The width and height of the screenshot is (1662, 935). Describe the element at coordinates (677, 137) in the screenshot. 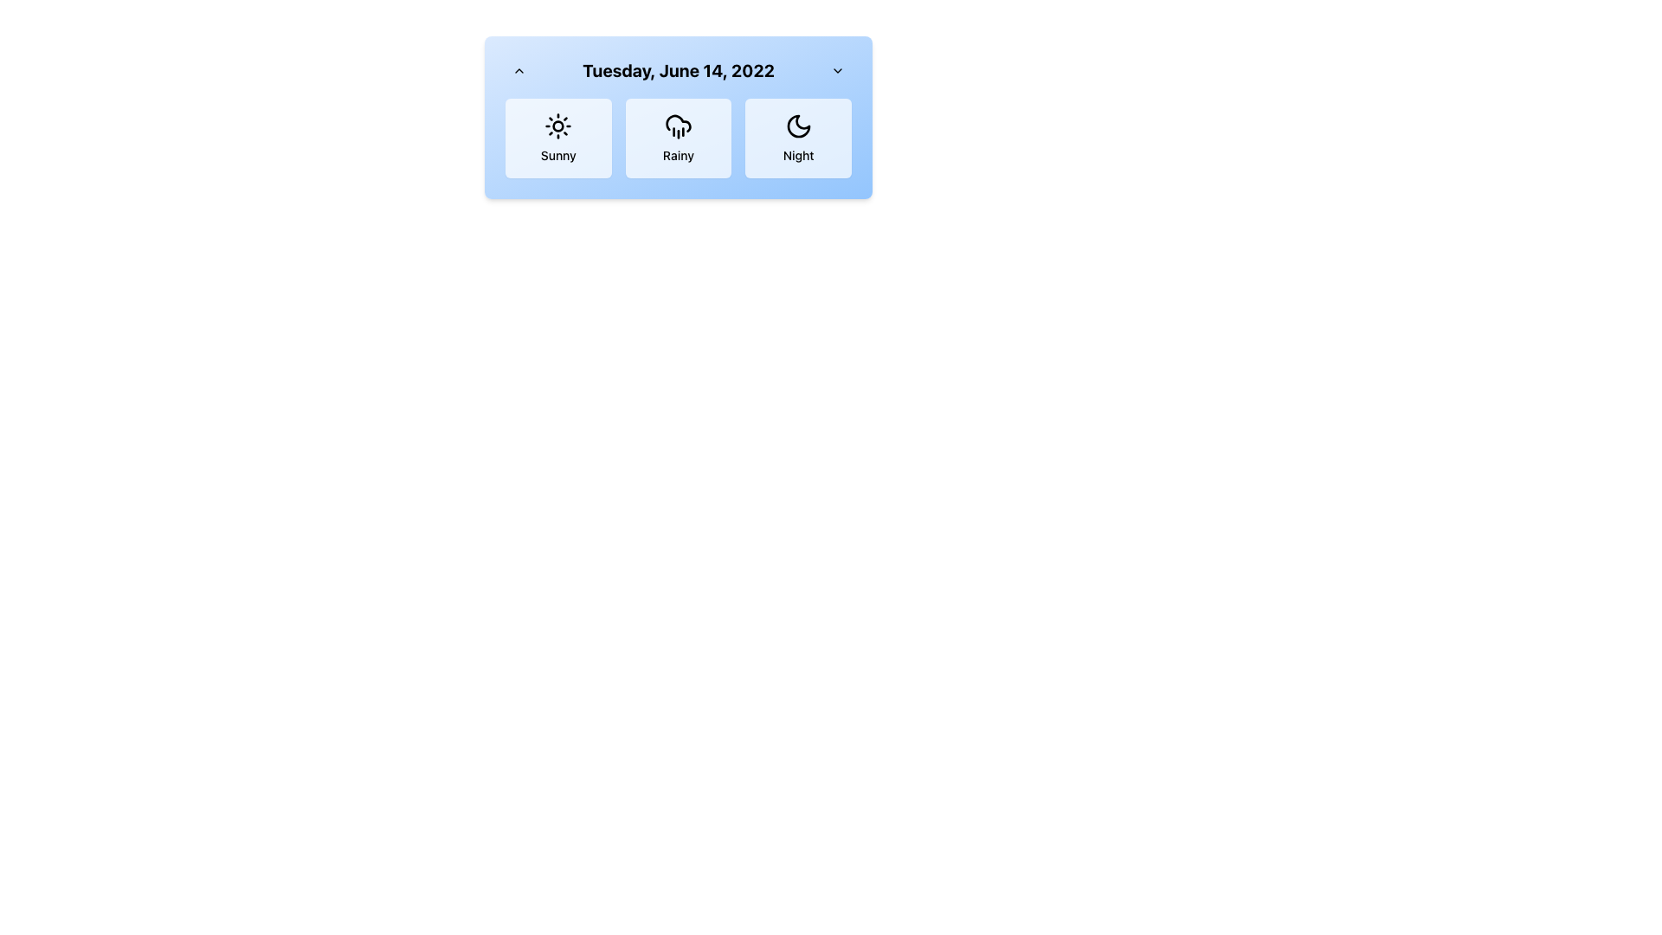

I see `the vertically-placed grid structure containing icon-based weather representations for 'Sunny', 'Rainy', and 'Night', which is located below the date title 'Tuesday, June 14, 2022'` at that location.